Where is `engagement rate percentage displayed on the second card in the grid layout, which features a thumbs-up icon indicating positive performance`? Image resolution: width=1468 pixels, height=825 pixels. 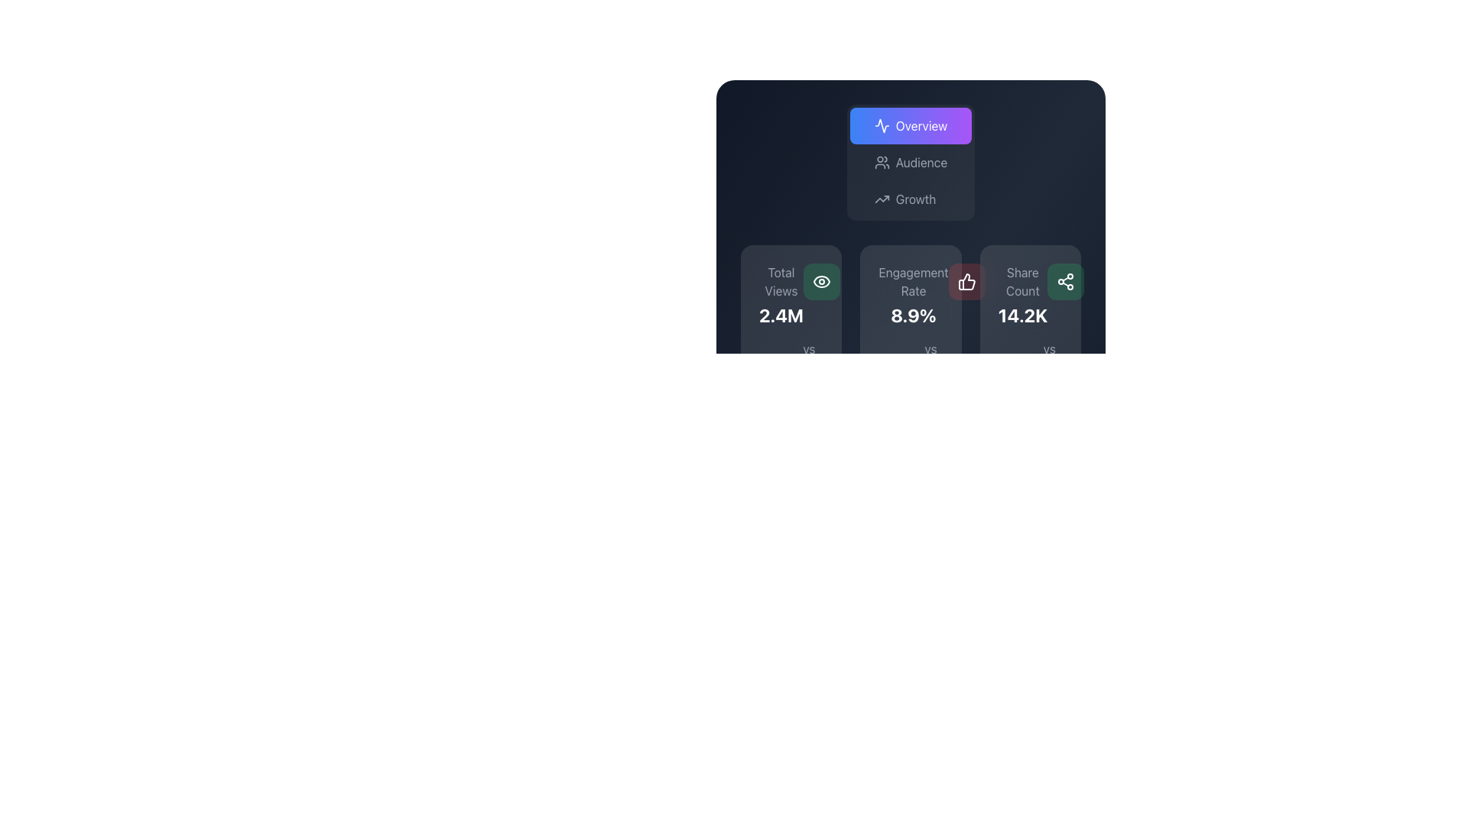
engagement rate percentage displayed on the second card in the grid layout, which features a thumbs-up icon indicating positive performance is located at coordinates (911, 328).